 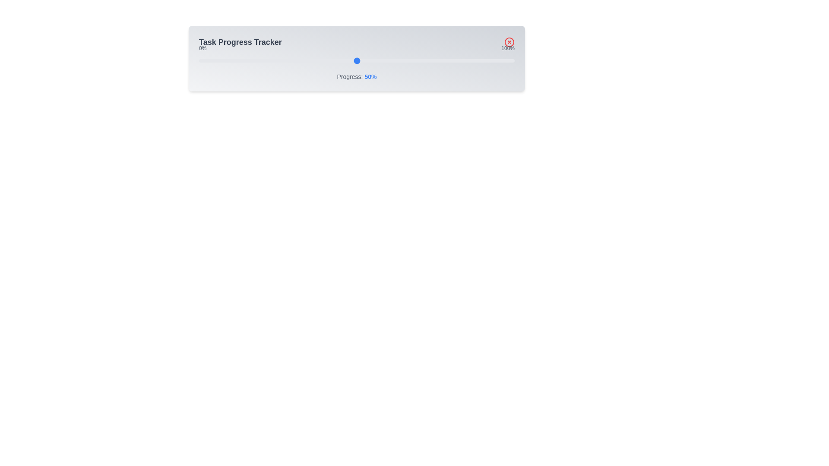 I want to click on the text label displaying '50%' in bold blue font, which is part of the progress tracker labeled 'Progress: 50%' on a light gray background, so click(x=370, y=76).